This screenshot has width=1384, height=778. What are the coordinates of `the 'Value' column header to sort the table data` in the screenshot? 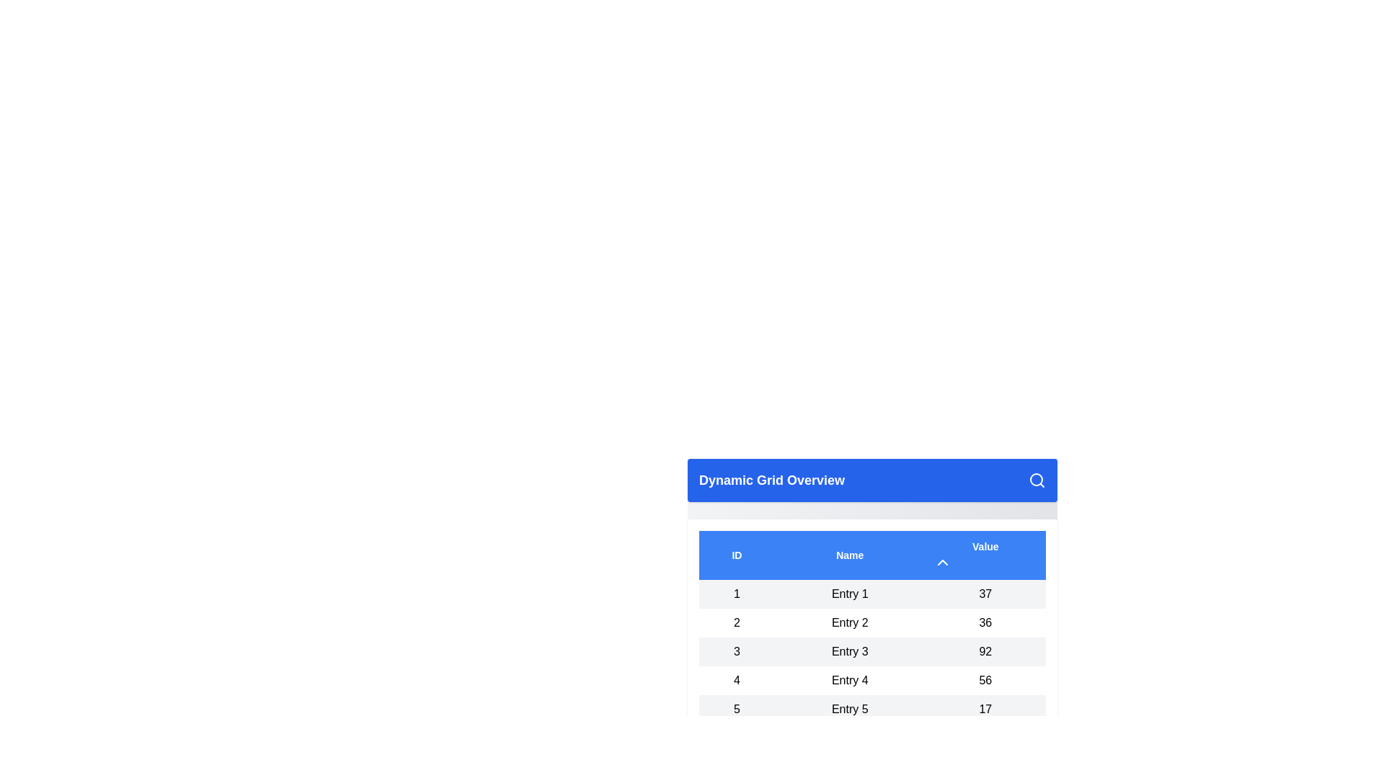 It's located at (985, 555).